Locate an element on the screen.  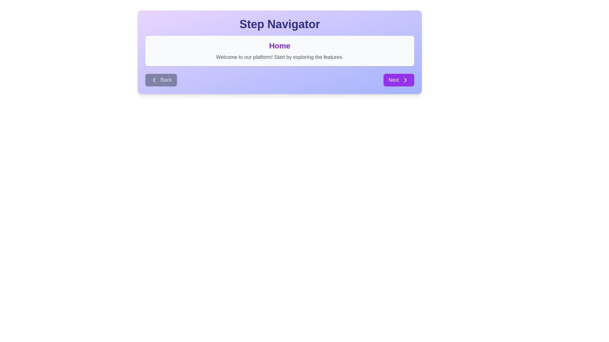
the Navigation icon located to the left of the 'Back' button is located at coordinates (154, 80).